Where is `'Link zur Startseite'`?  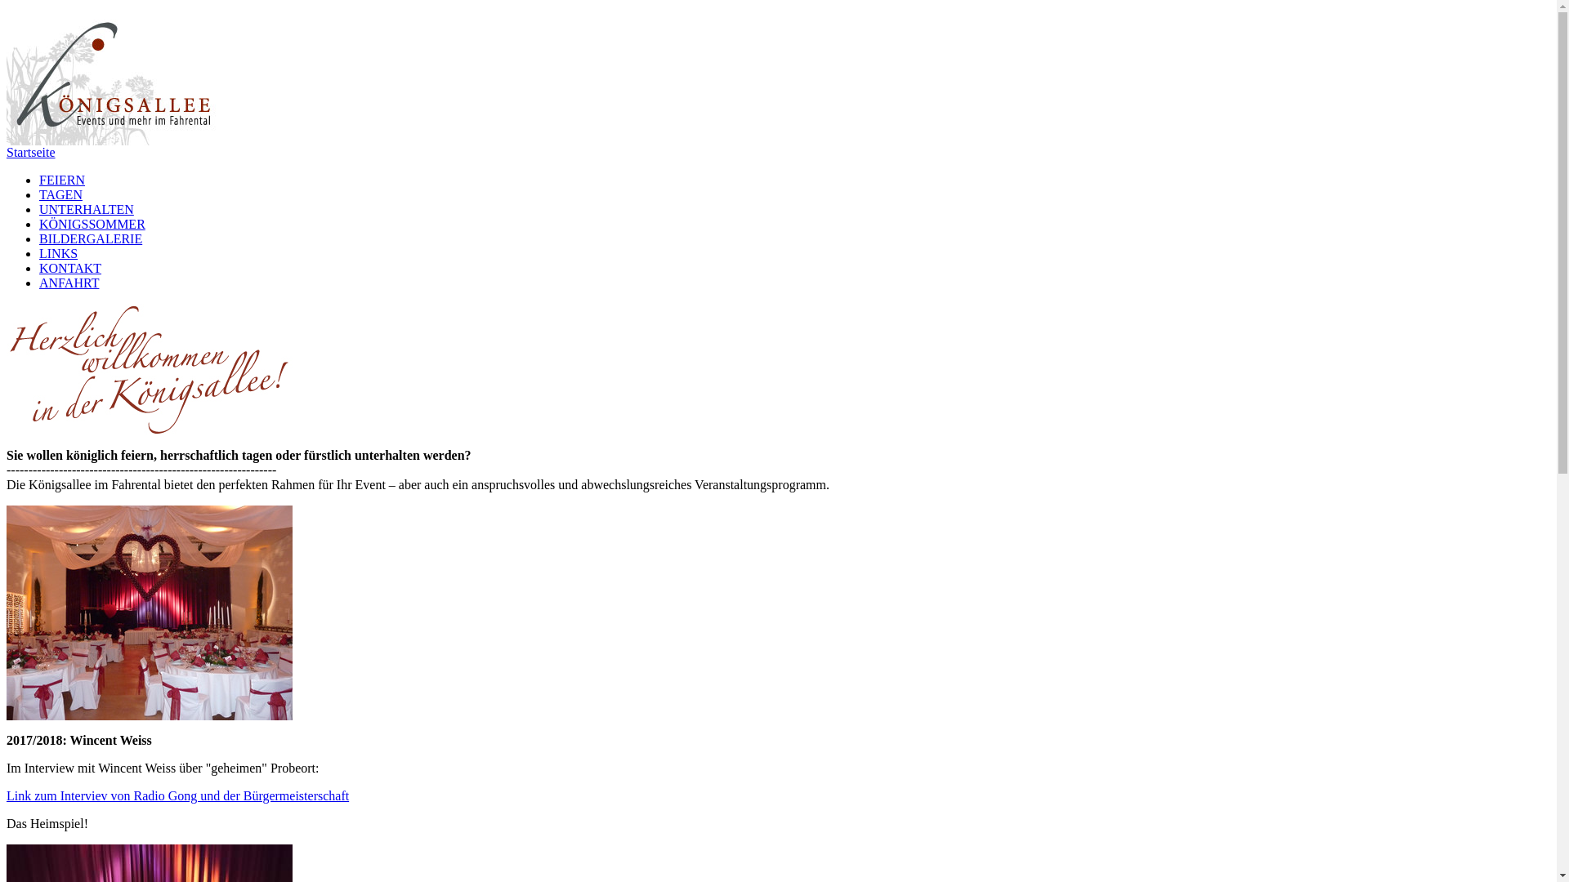
'Link zur Startseite' is located at coordinates (116, 140).